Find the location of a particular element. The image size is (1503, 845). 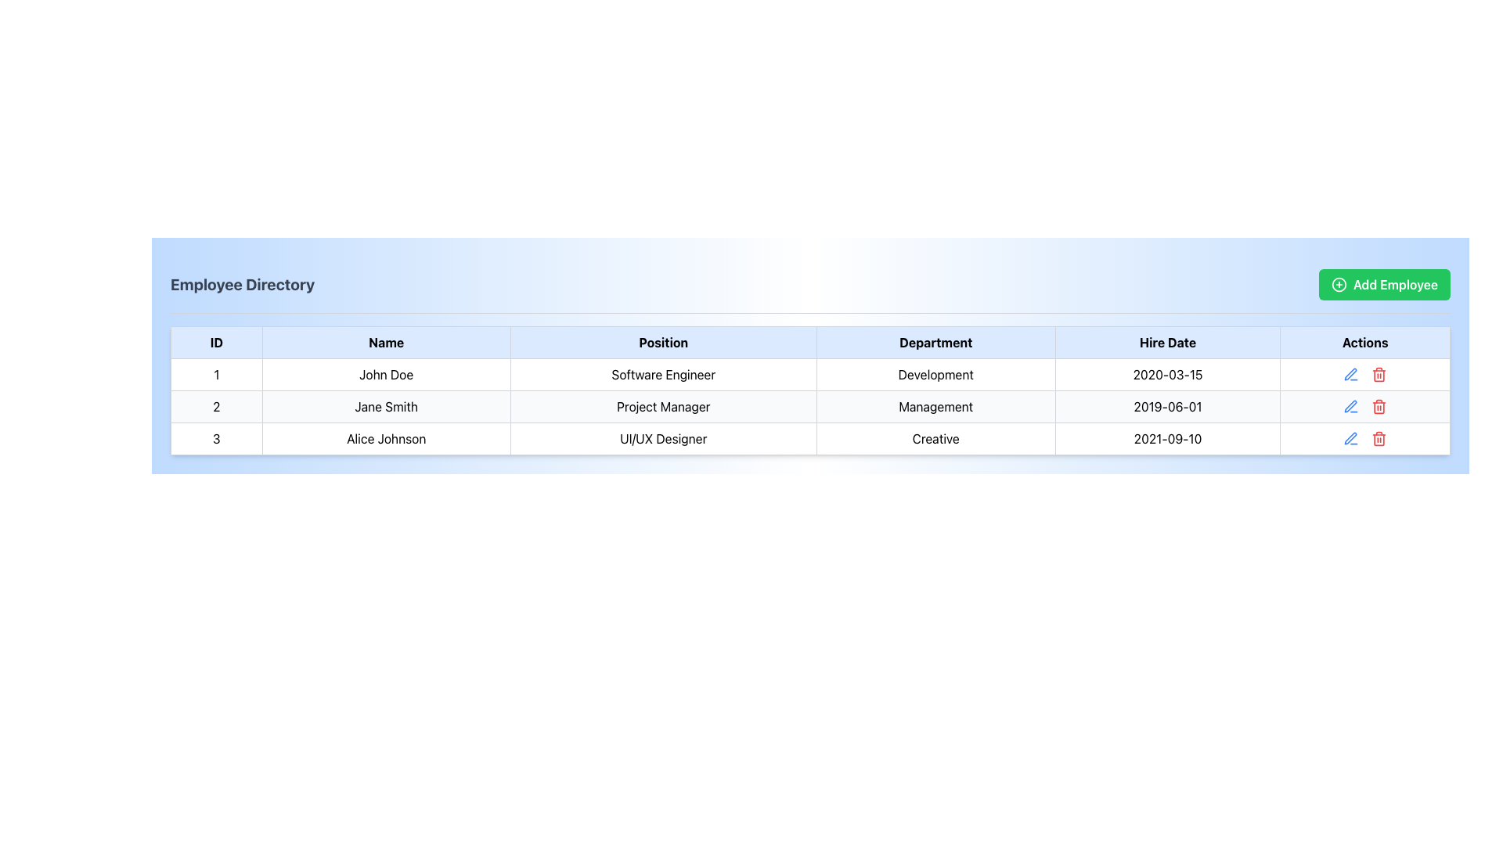

the 'Department' table header to sort the column is located at coordinates (935, 342).